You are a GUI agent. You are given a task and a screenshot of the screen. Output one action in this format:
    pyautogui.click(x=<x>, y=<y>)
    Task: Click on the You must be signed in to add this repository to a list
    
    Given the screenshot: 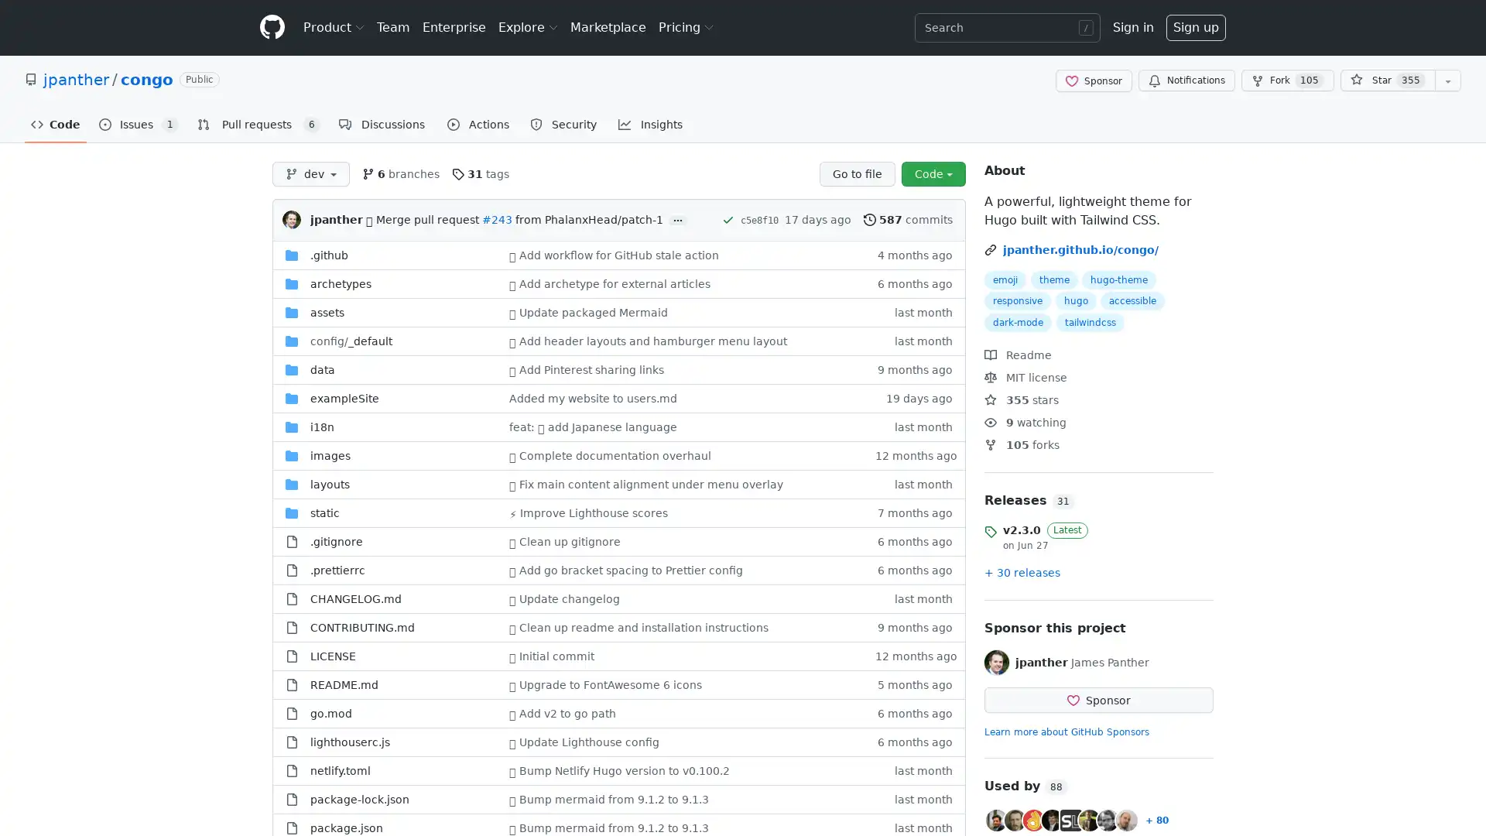 What is the action you would take?
    pyautogui.click(x=1447, y=81)
    